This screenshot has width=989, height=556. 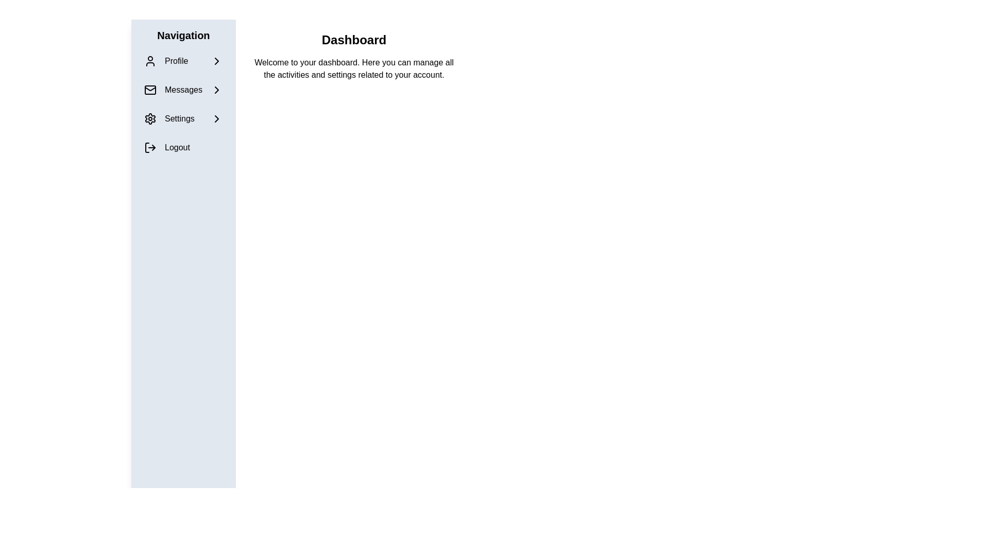 I want to click on the 'Profile' navigation link/button, which features a user profile icon, the text 'Profile', and a right-facing arrow icon, so click(x=183, y=61).